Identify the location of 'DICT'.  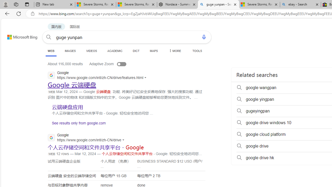
(136, 51).